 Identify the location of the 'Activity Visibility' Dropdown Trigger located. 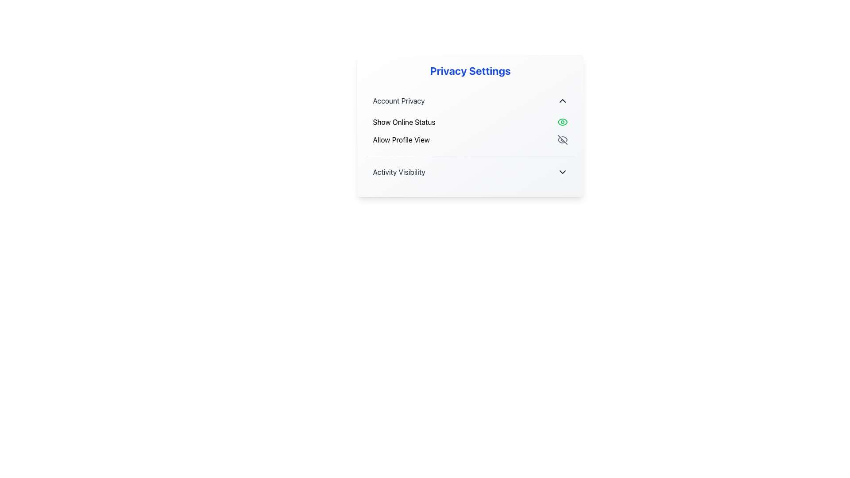
(470, 172).